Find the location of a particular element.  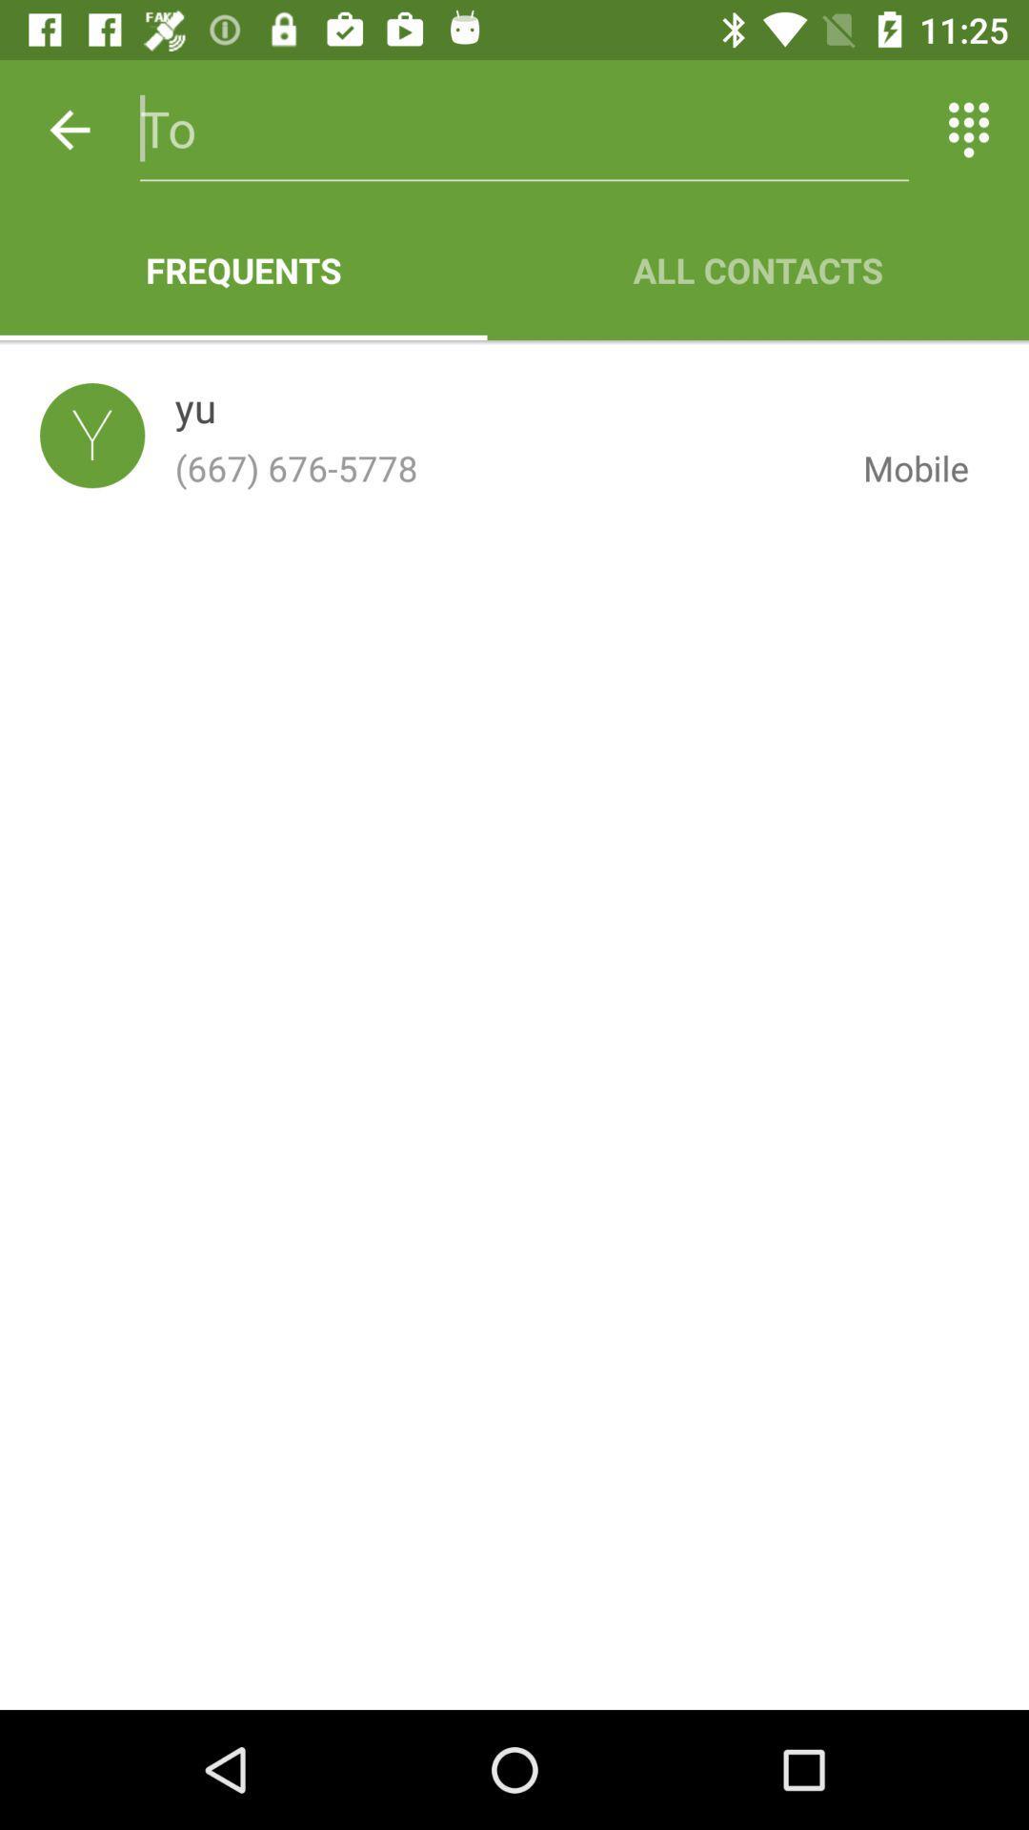

the app above frequents item is located at coordinates (524, 129).